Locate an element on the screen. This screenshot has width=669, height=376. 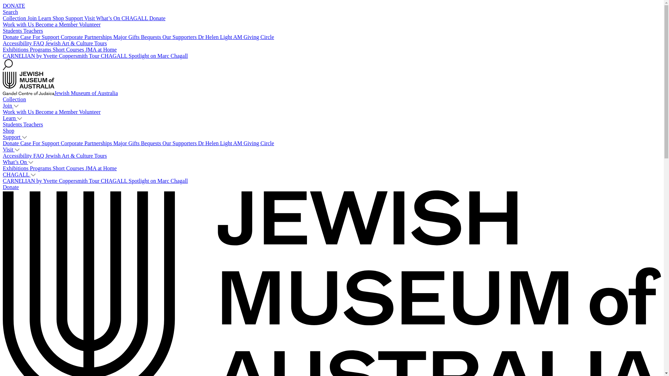
'CHAGALL' is located at coordinates (17, 174).